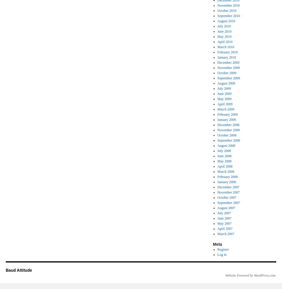 The image size is (282, 289). Describe the element at coordinates (226, 21) in the screenshot. I see `'August 2010'` at that location.